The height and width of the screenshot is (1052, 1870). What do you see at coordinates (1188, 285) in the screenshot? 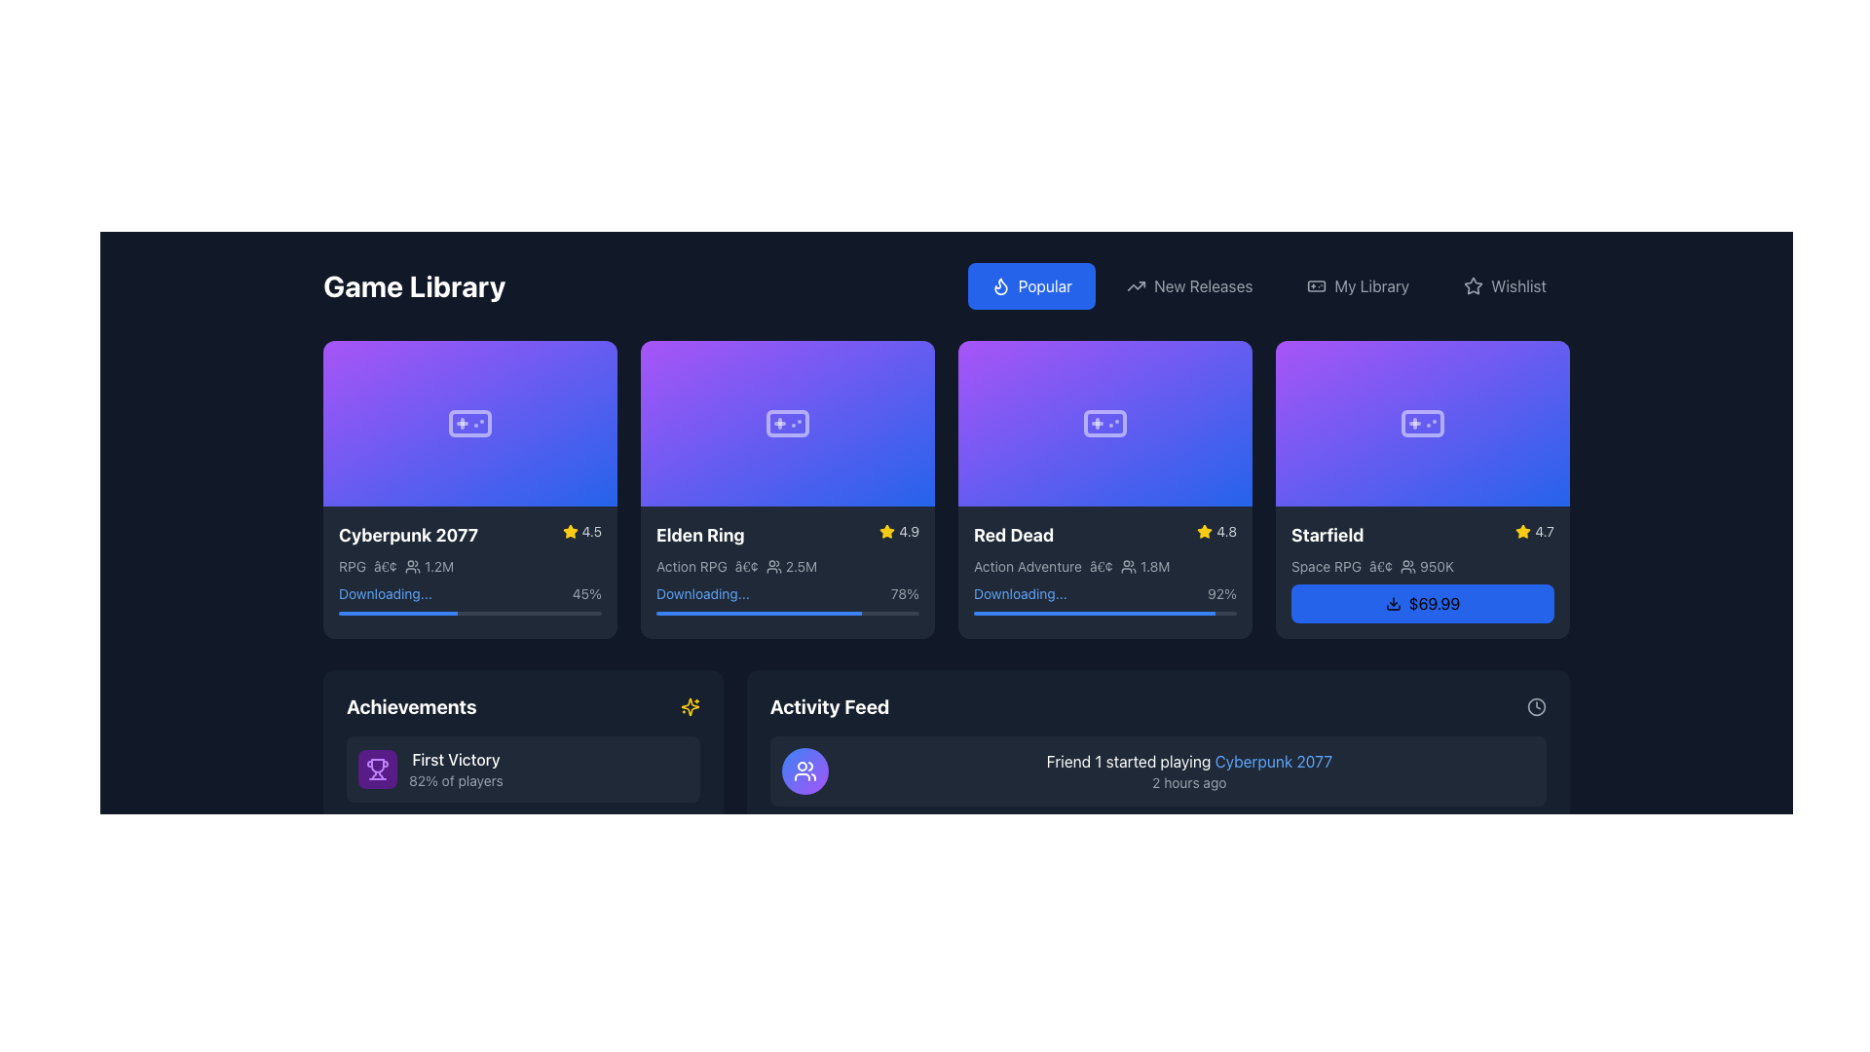
I see `the 'New Releases' button, which is the second button in the horizontal menu bar` at bounding box center [1188, 285].